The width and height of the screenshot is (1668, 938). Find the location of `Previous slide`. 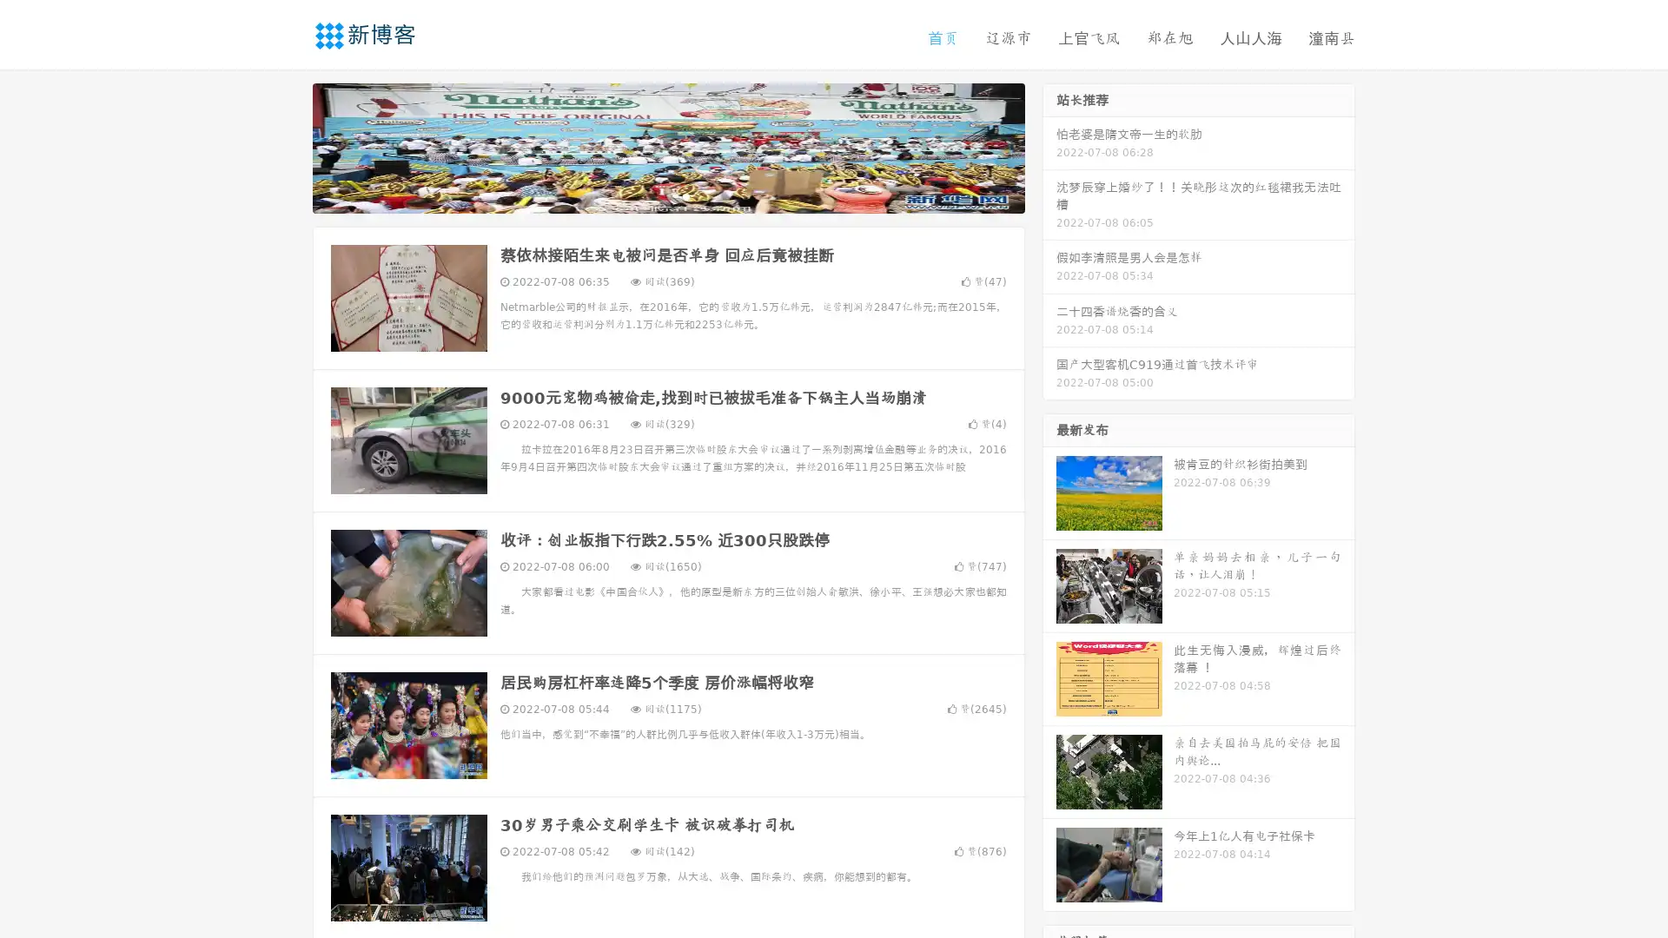

Previous slide is located at coordinates (287, 146).